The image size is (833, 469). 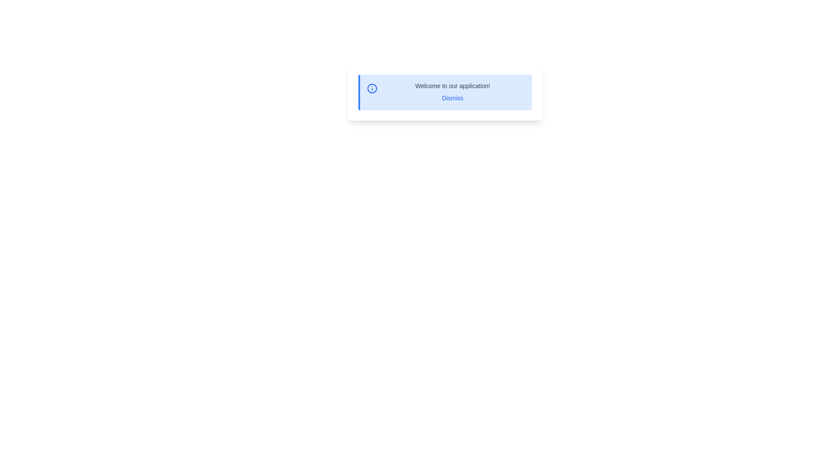 I want to click on the 'Dismiss' link in the Notification message box, so click(x=445, y=92).